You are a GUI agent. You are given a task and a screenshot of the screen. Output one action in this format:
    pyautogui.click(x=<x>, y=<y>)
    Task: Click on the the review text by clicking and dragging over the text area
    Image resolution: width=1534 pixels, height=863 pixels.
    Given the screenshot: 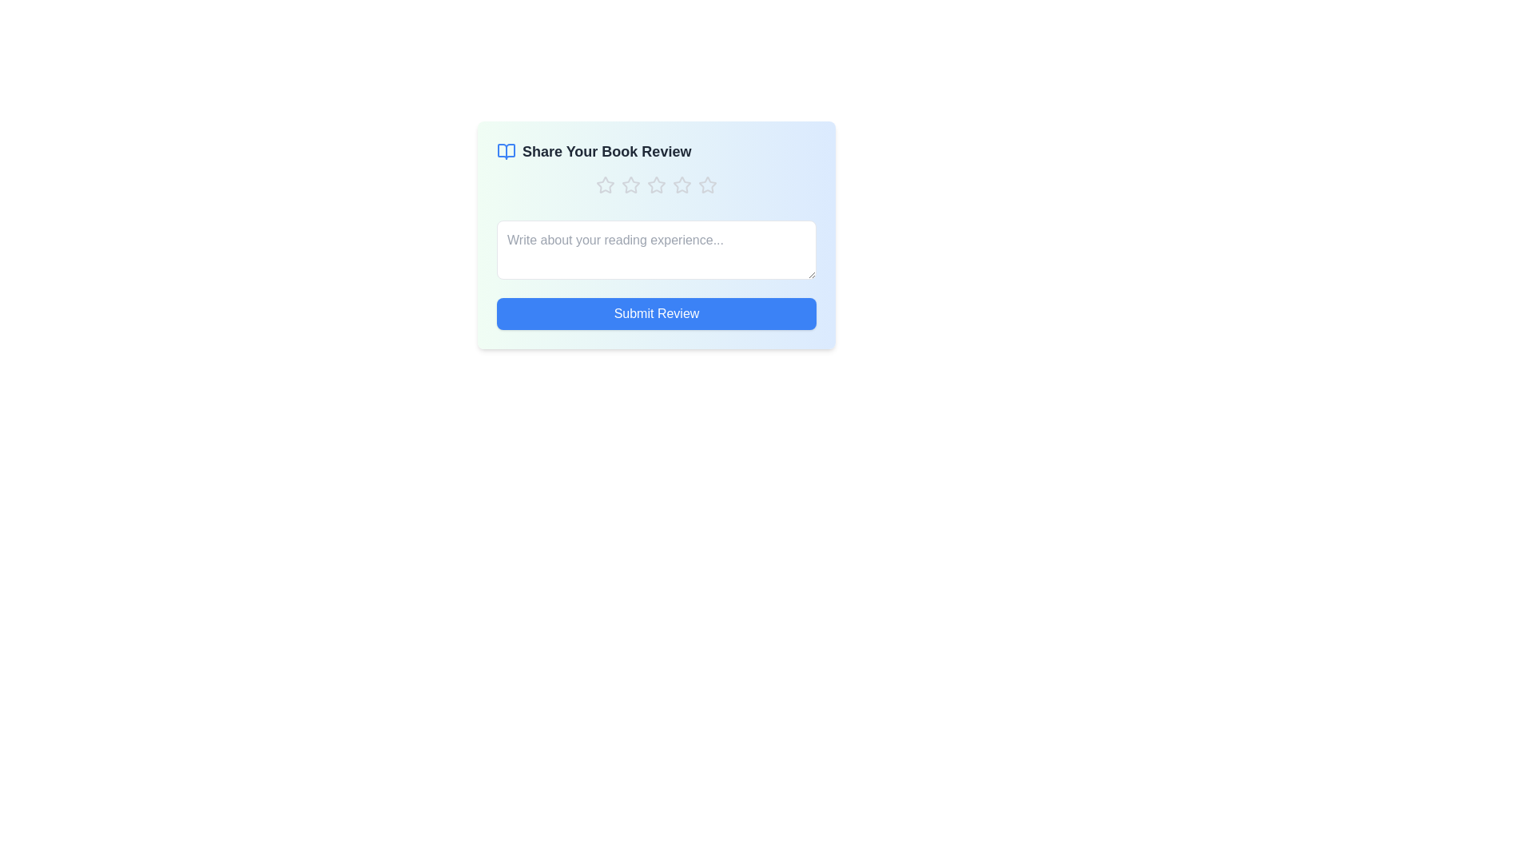 What is the action you would take?
    pyautogui.click(x=496, y=221)
    